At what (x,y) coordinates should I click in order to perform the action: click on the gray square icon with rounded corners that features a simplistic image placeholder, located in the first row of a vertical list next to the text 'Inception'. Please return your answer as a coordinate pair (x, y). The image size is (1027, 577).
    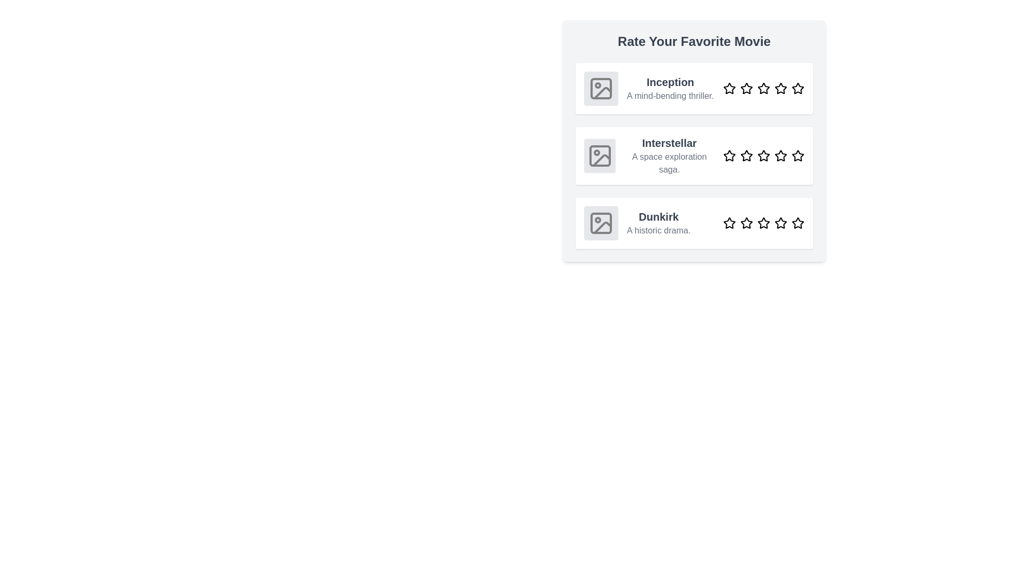
    Looking at the image, I should click on (601, 88).